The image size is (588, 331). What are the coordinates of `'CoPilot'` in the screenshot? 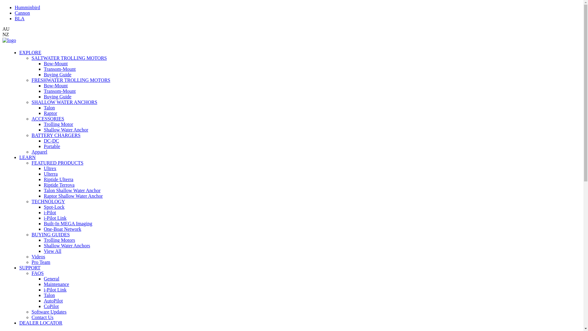 It's located at (43, 306).